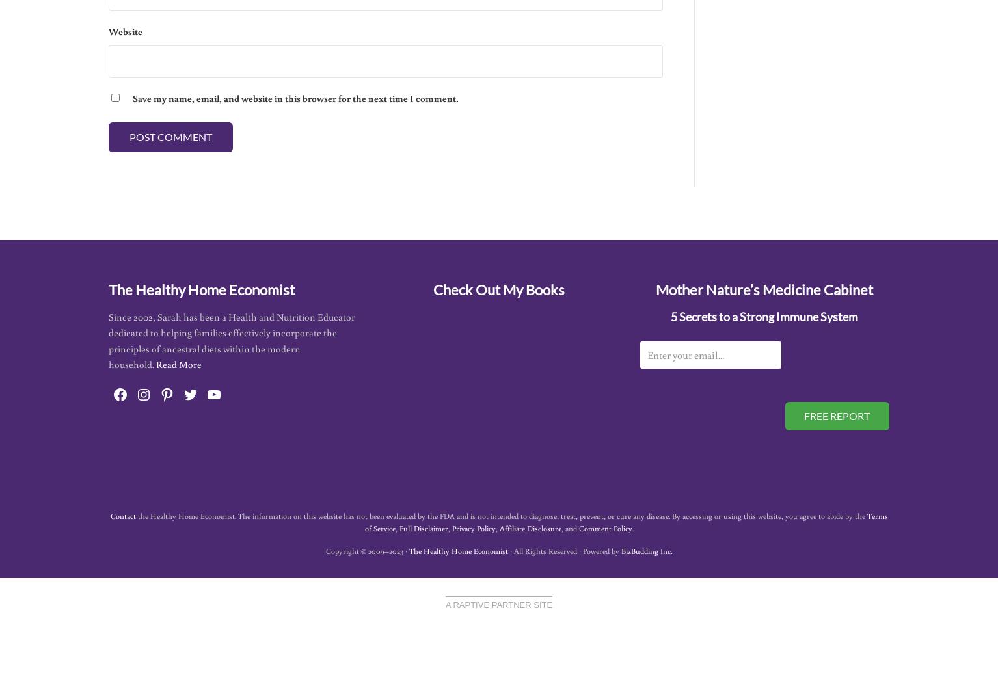 This screenshot has height=675, width=998. I want to click on 'Terms of Service', so click(625, 521).